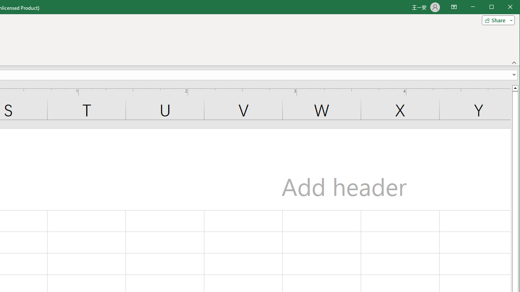 This screenshot has width=520, height=292. I want to click on 'Share', so click(496, 20).